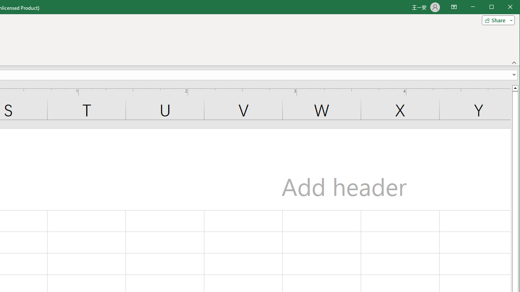 This screenshot has width=520, height=292. I want to click on 'Share', so click(496, 20).